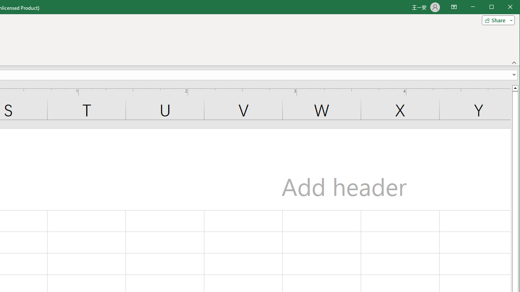 This screenshot has width=520, height=292. I want to click on 'Share', so click(496, 20).